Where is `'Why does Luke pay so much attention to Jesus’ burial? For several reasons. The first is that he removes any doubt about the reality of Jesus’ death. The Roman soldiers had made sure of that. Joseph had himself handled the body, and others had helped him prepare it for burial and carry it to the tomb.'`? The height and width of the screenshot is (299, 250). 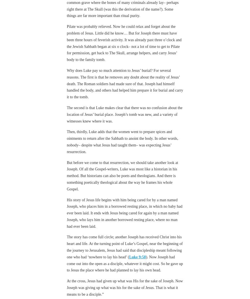
'Why does Luke pay so much attention to Jesus’ burial? For several reasons. The first is that he removes any doubt about the reality of Jesus’ death. The Roman soldiers had made sure of that. Joseph had himself handled the body, and others had helped him prepare it for burial and carry it to the tomb.' is located at coordinates (66, 84).